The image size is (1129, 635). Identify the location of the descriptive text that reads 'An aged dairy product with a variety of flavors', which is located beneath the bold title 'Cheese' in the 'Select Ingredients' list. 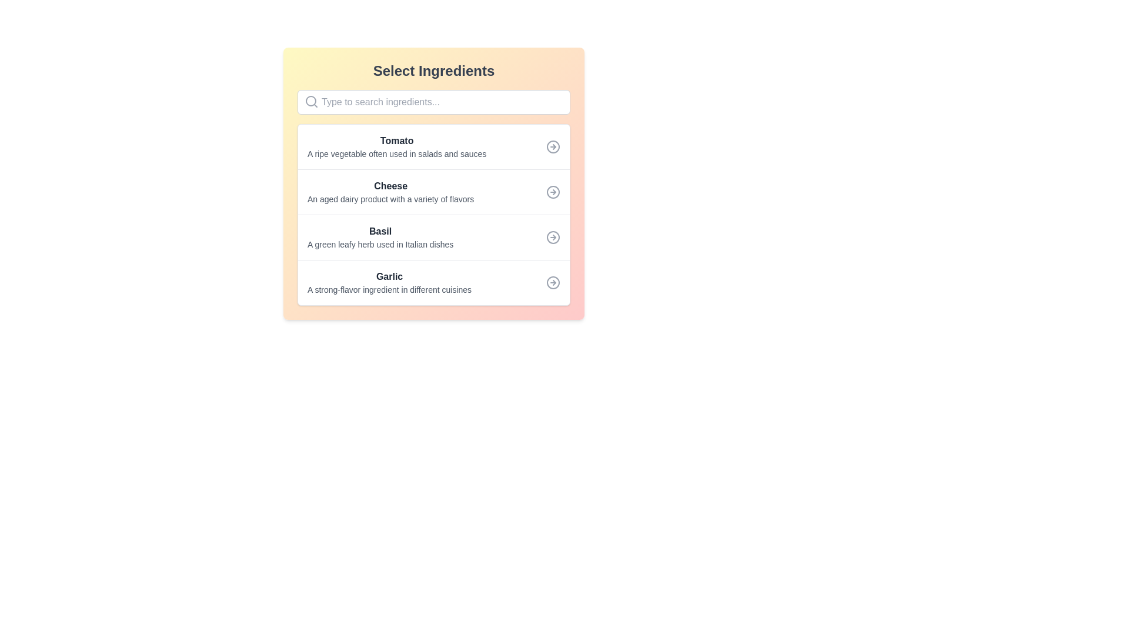
(390, 199).